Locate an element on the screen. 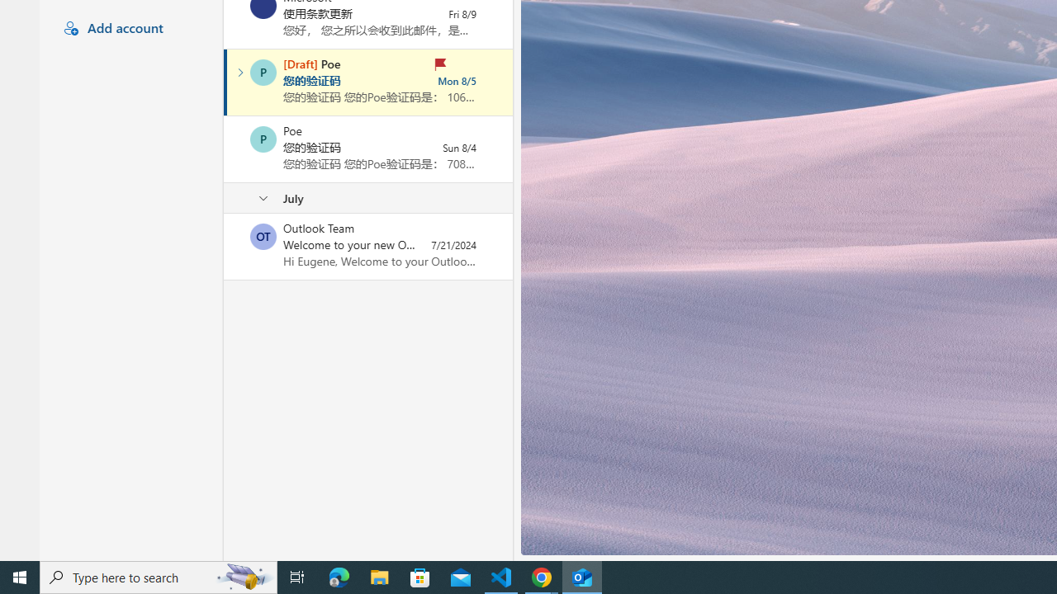 The width and height of the screenshot is (1057, 594). 'Expand conversation' is located at coordinates (239, 72).